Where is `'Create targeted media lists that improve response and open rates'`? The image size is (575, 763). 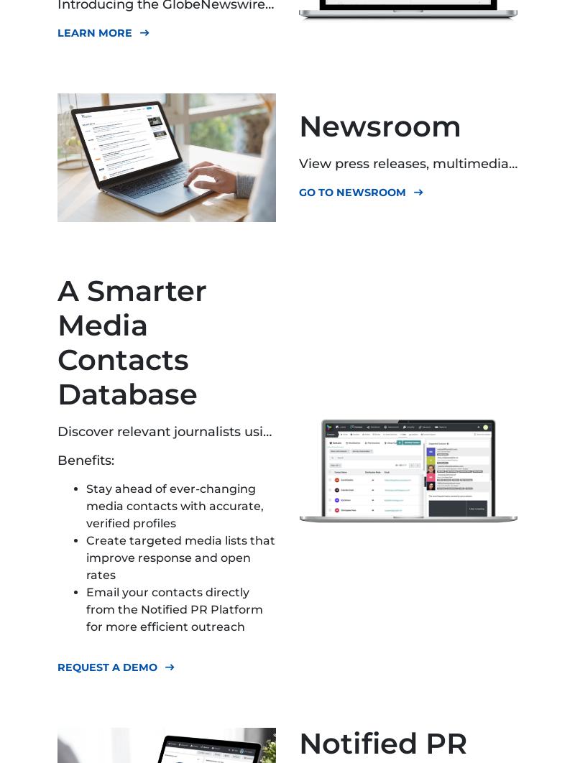
'Create targeted media lists that improve response and open rates' is located at coordinates (86, 558).